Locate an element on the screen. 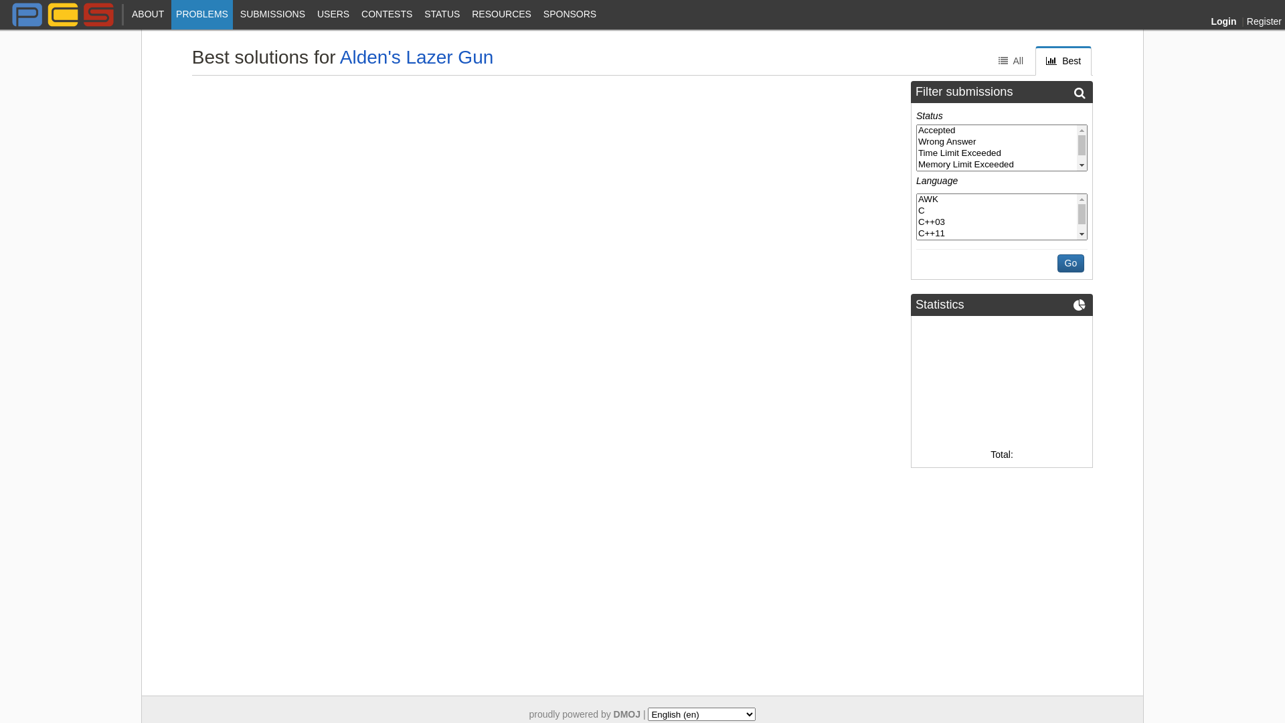  'All' is located at coordinates (1011, 61).